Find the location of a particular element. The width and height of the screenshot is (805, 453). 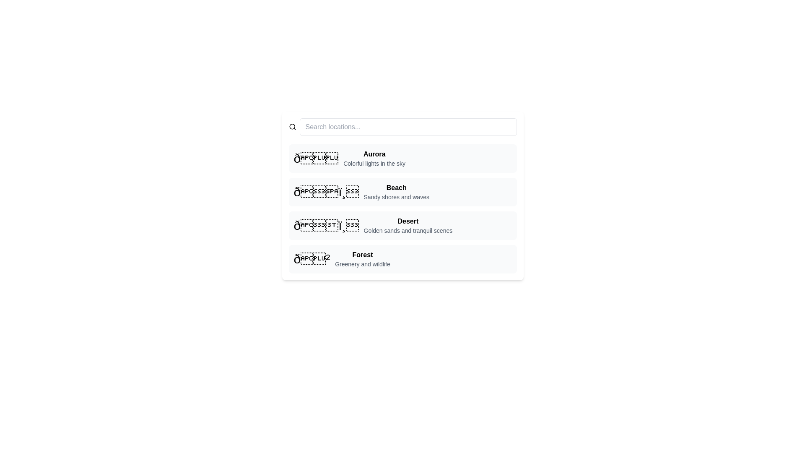

text label displaying 'Aurora', which is a bold header above the descriptive text 'Colorful lights in the sky' in the second column of a structured list is located at coordinates (374, 154).